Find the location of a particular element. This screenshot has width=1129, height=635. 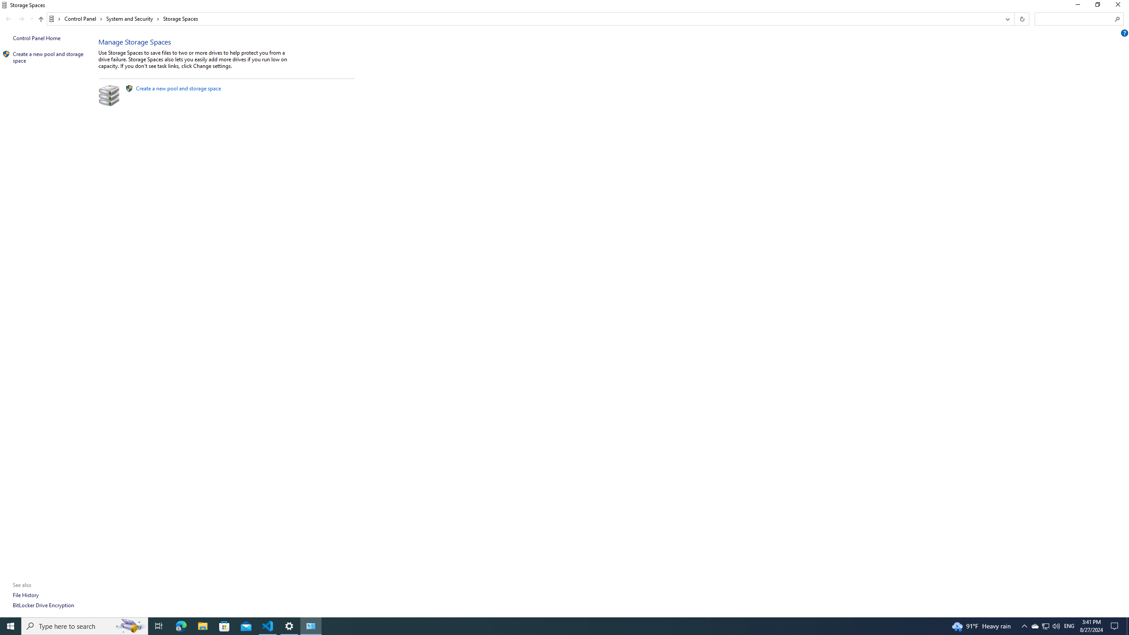

'All locations' is located at coordinates (54, 19).